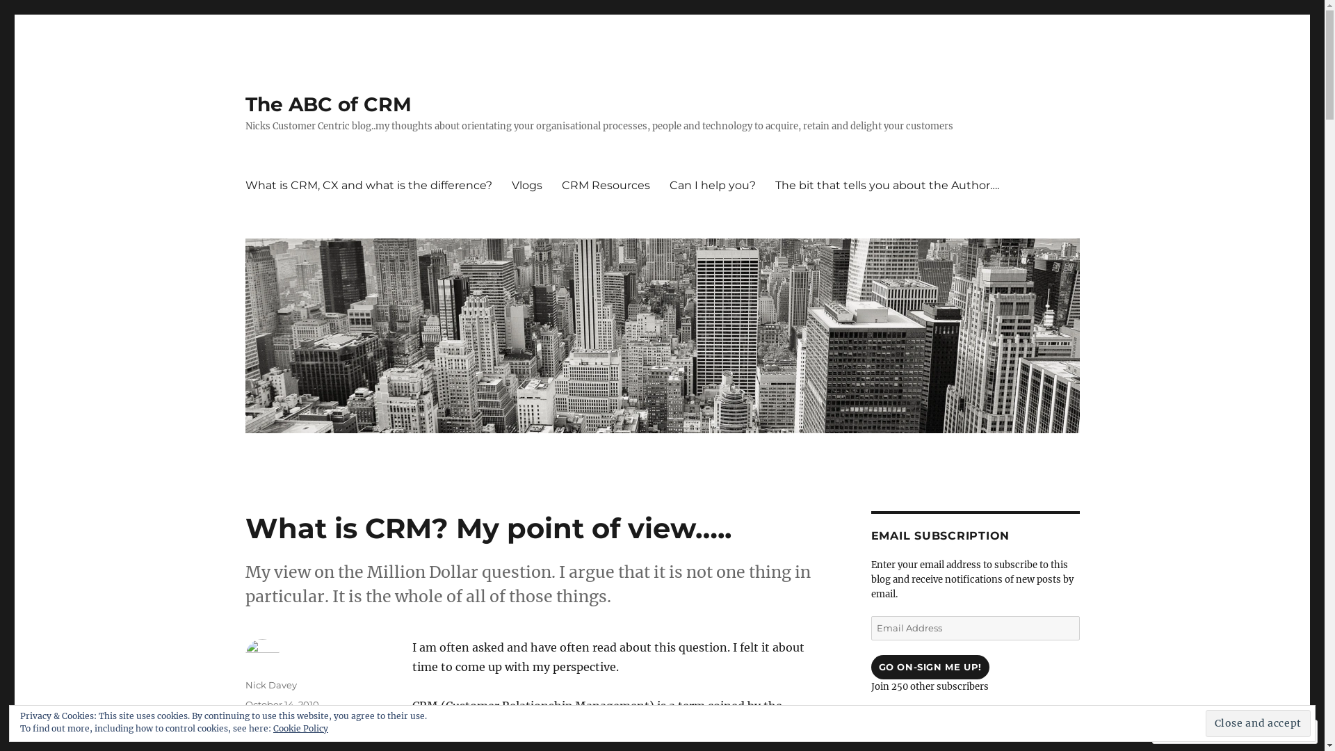 Image resolution: width=1335 pixels, height=751 pixels. I want to click on 'What is CRM, CX and what is the difference?', so click(368, 184).